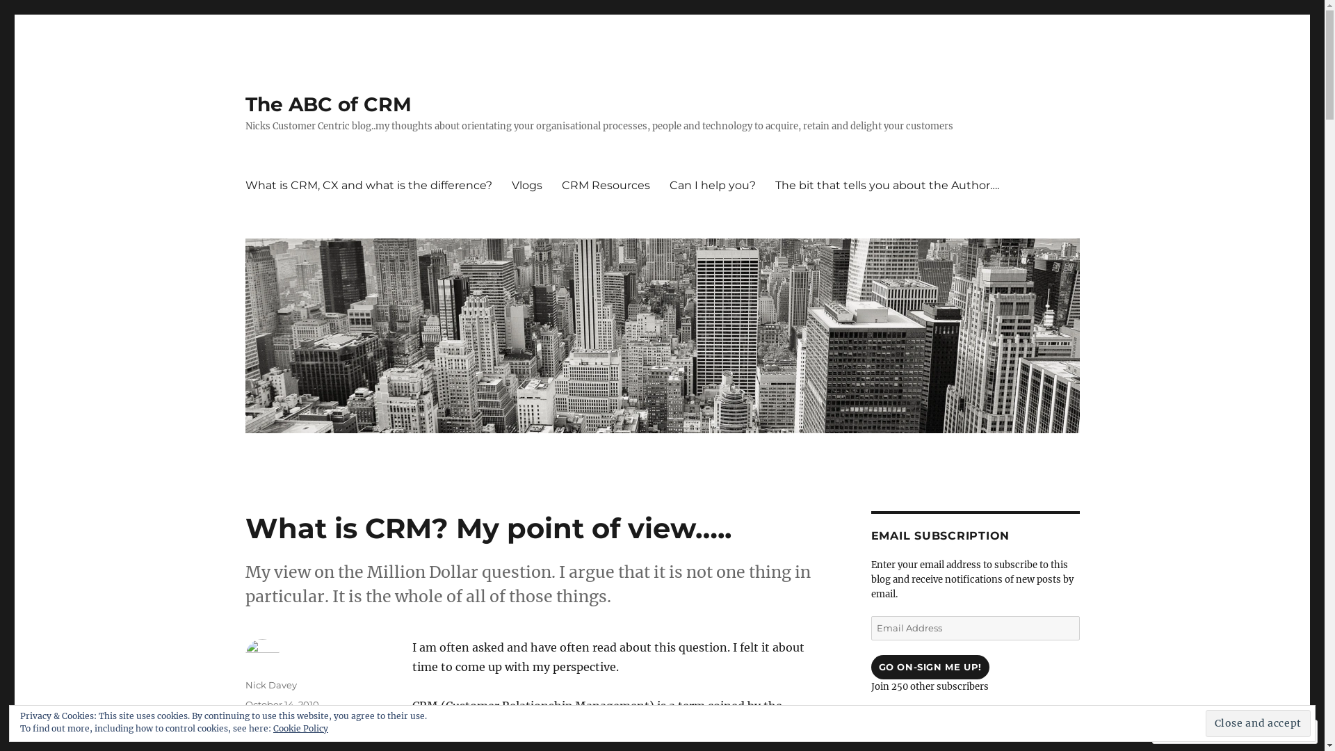 Image resolution: width=1335 pixels, height=751 pixels. I want to click on 'What is CRM, CX and what is the difference?', so click(368, 184).